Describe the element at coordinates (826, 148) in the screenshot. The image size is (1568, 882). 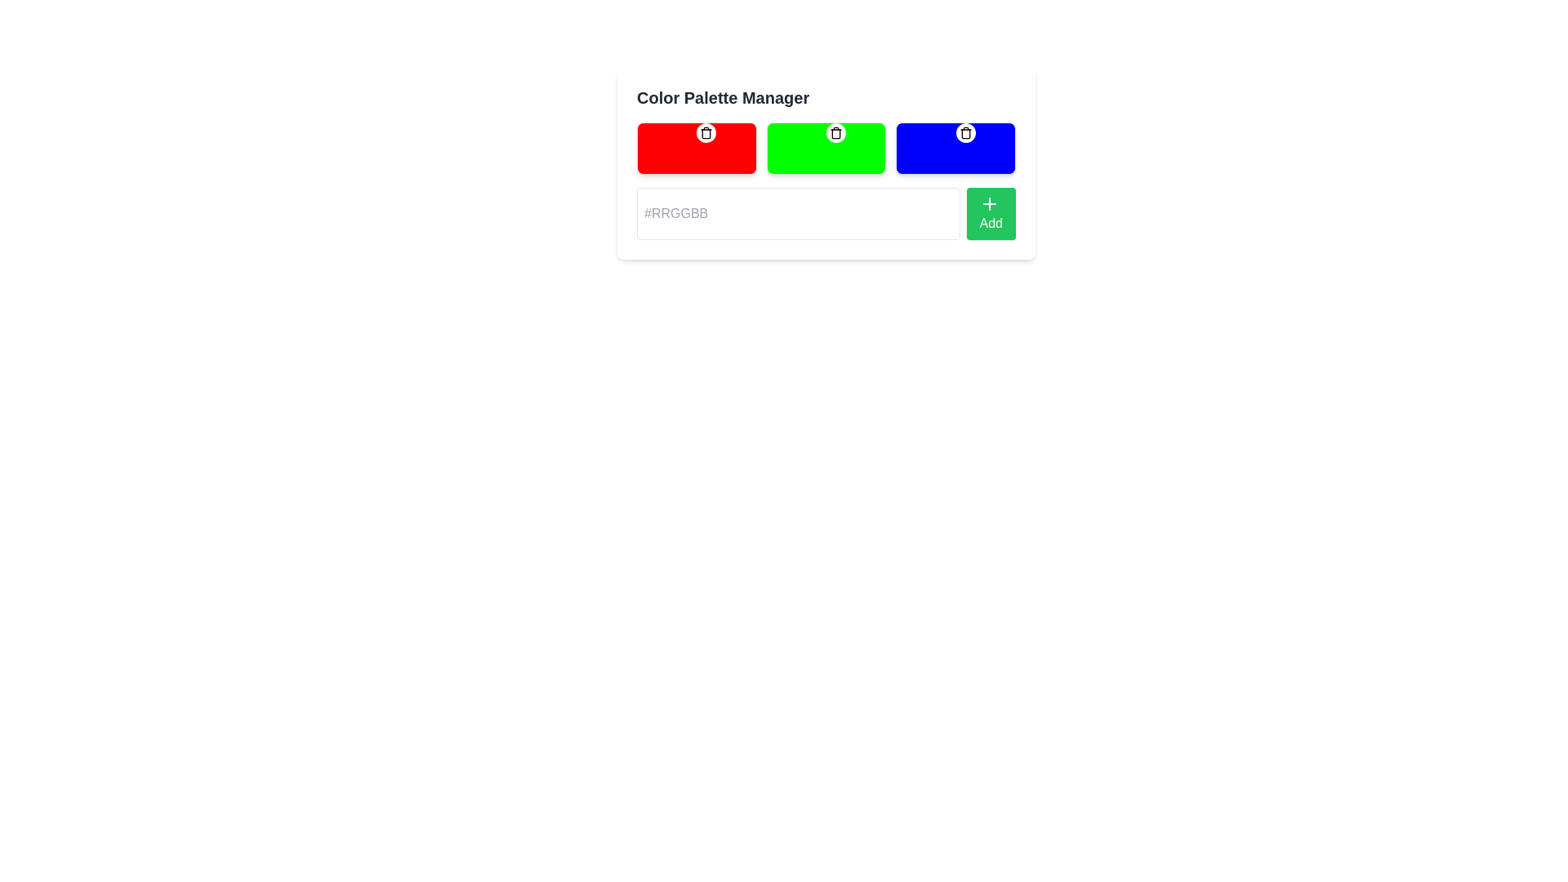
I see `the color display card with a delete button, which is the second item in a grid of three colored rectangles, indicating it supports removal functionality` at that location.